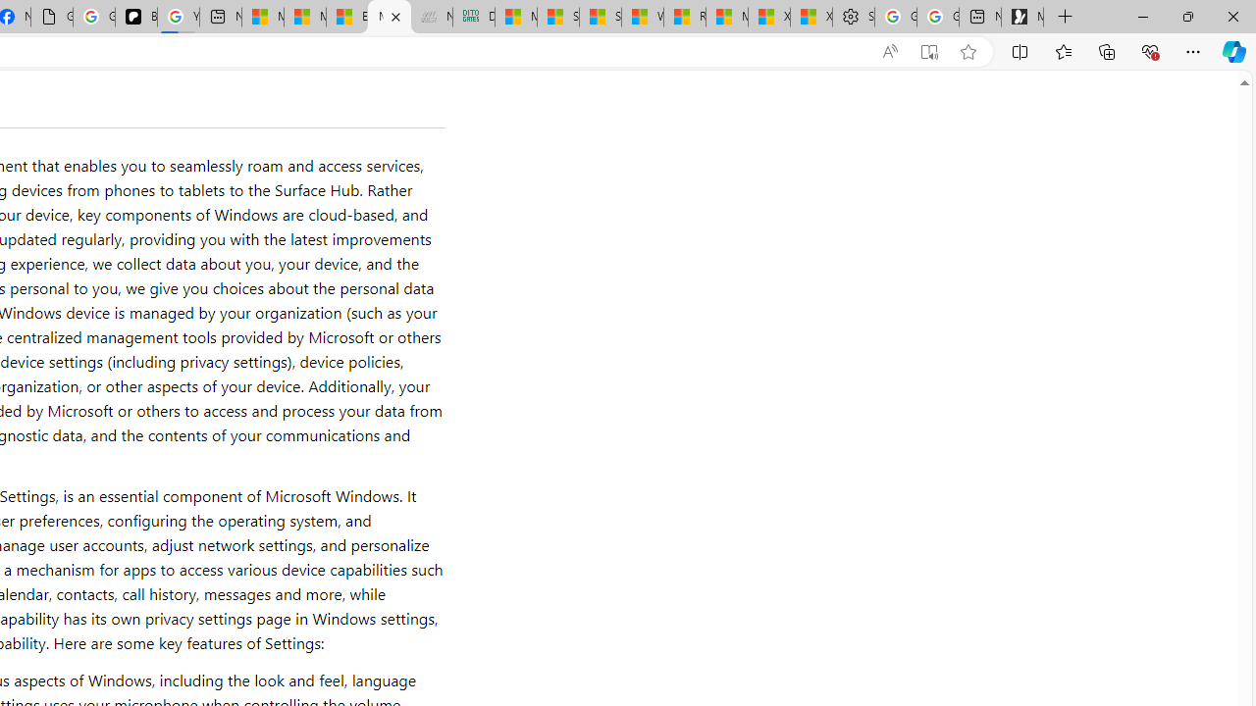  Describe the element at coordinates (346, 17) in the screenshot. I see `'Entertainment - MSN'` at that location.